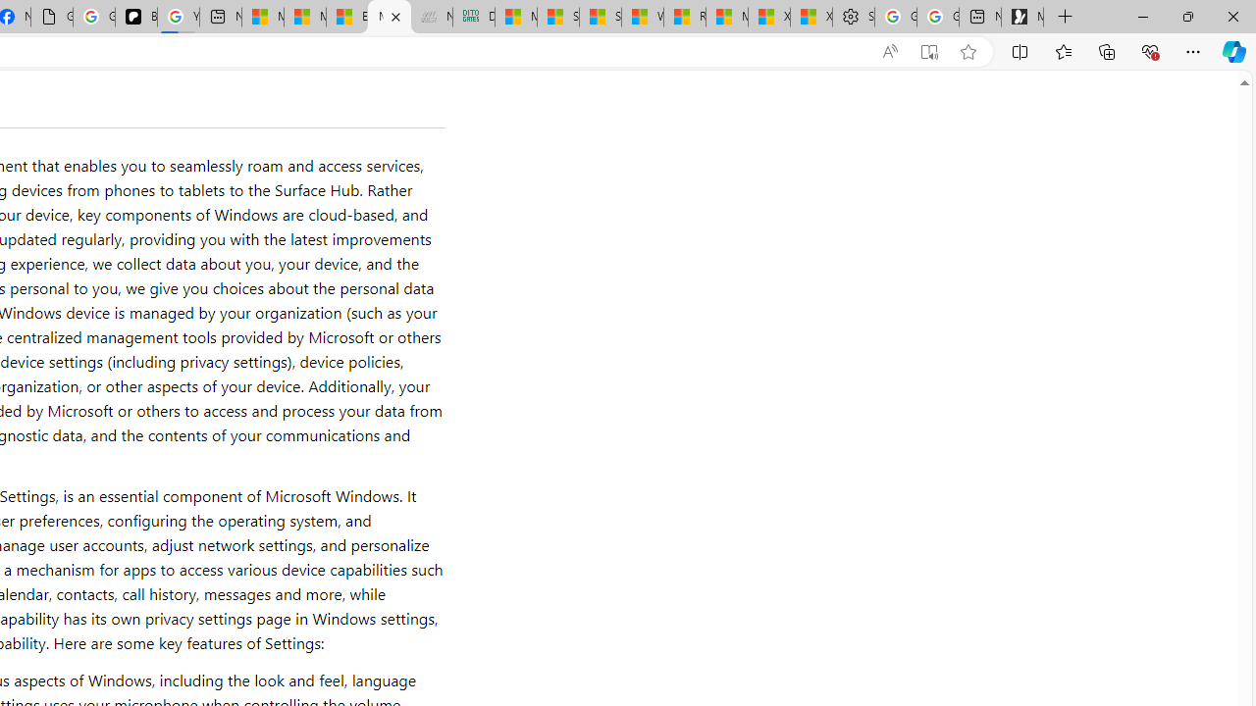  Describe the element at coordinates (346, 17) in the screenshot. I see `'Entertainment - MSN'` at that location.